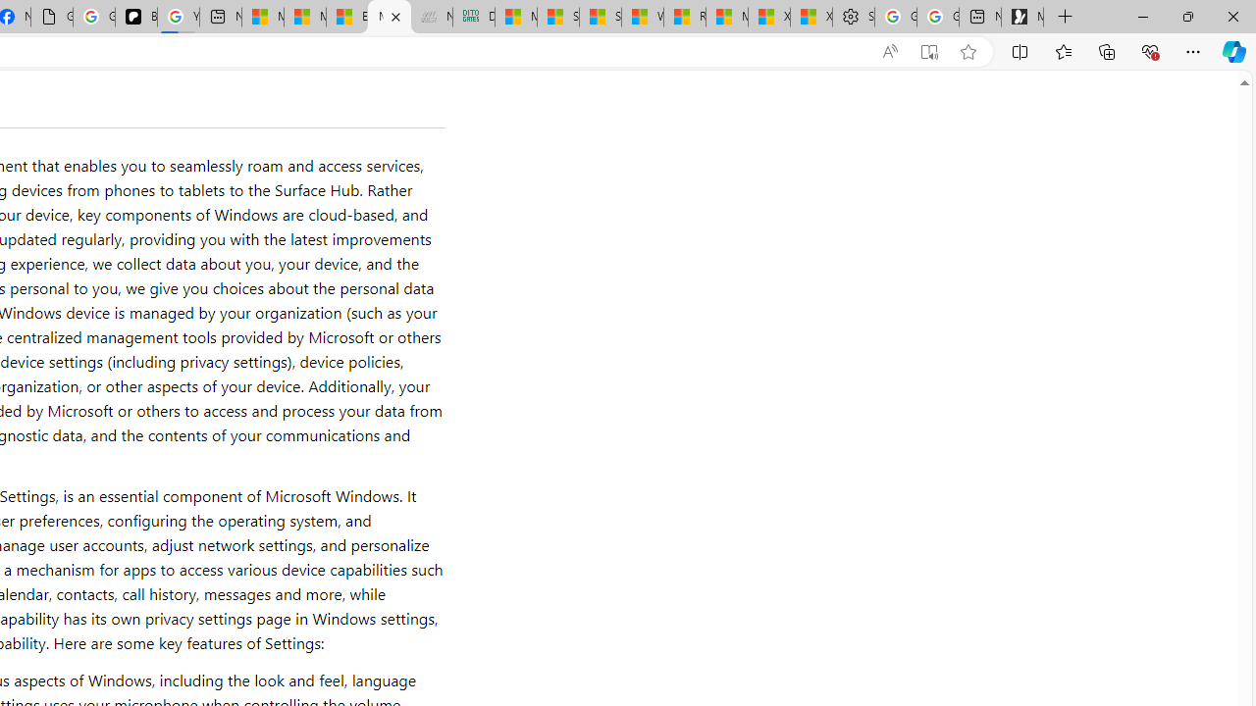  Describe the element at coordinates (346, 17) in the screenshot. I see `'Entertainment - MSN'` at that location.